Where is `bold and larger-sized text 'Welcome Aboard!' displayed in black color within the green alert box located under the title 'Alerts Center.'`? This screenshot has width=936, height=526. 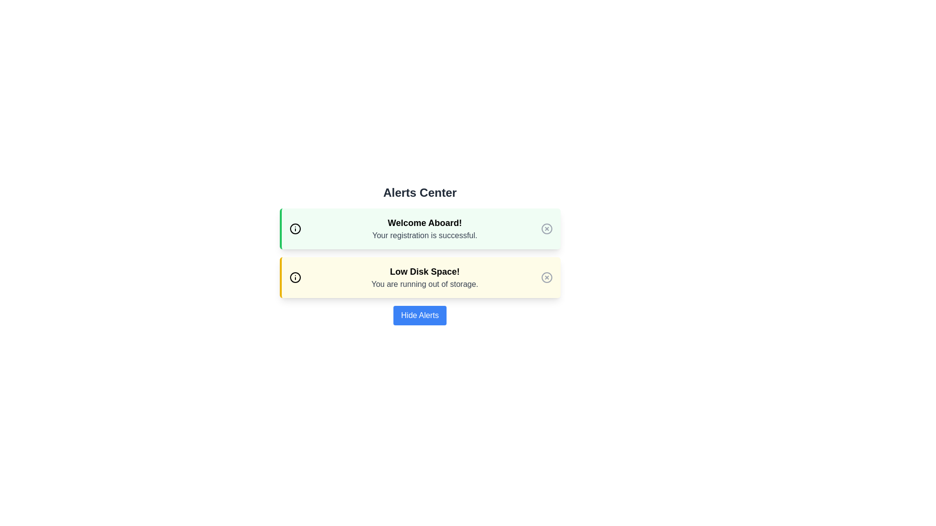
bold and larger-sized text 'Welcome Aboard!' displayed in black color within the green alert box located under the title 'Alerts Center.' is located at coordinates (425, 223).